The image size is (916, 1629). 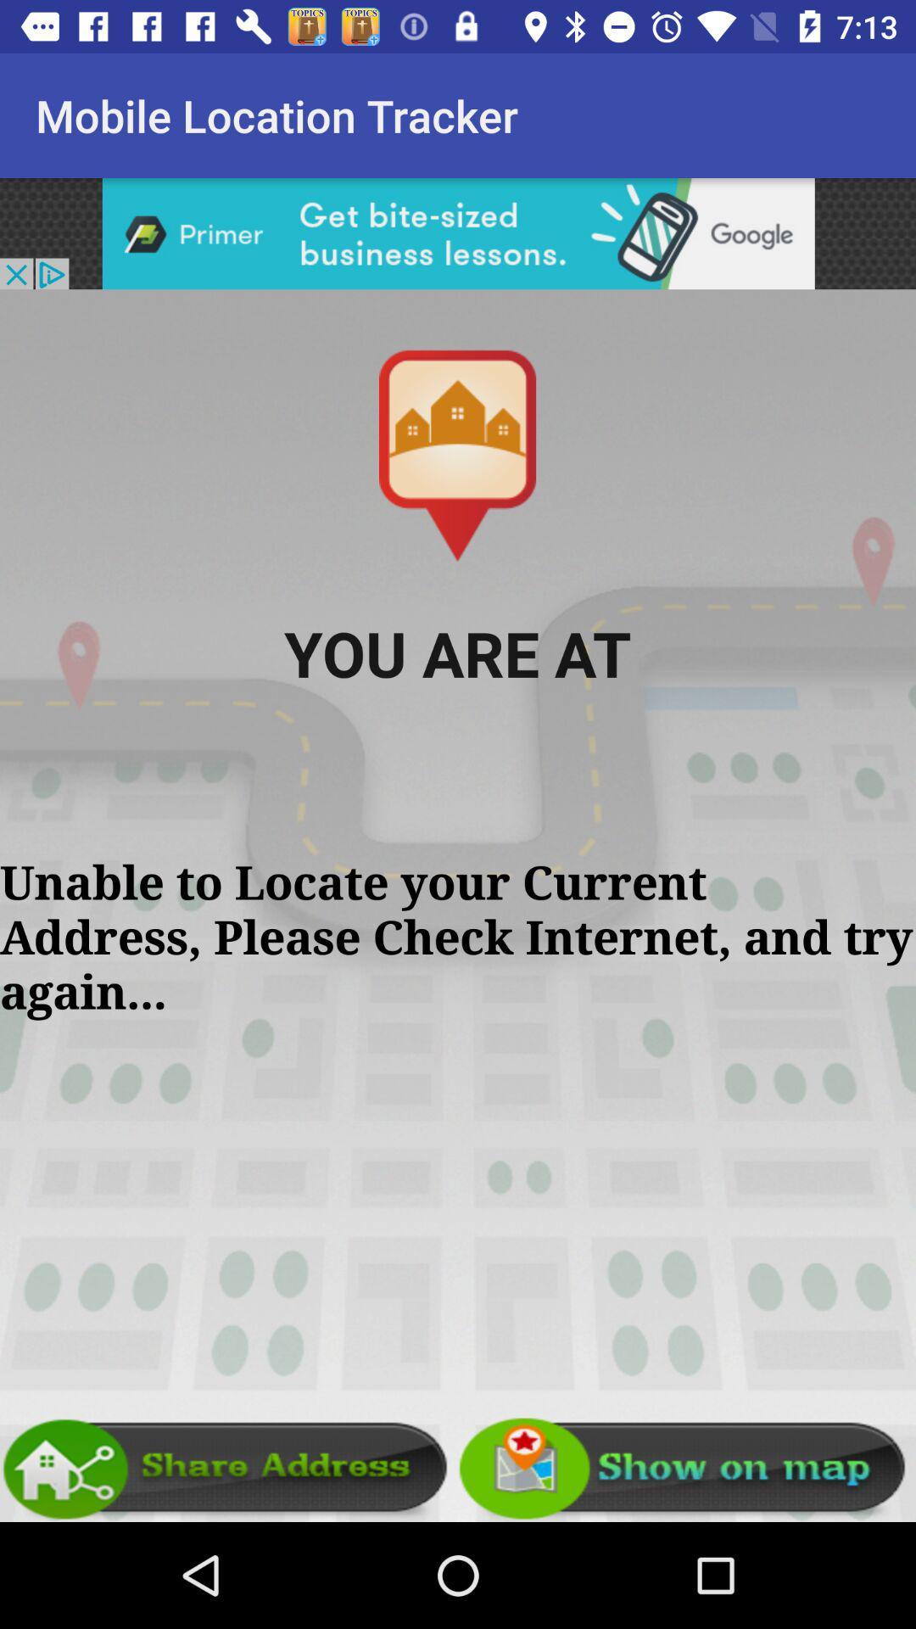 I want to click on show map, so click(x=687, y=1468).